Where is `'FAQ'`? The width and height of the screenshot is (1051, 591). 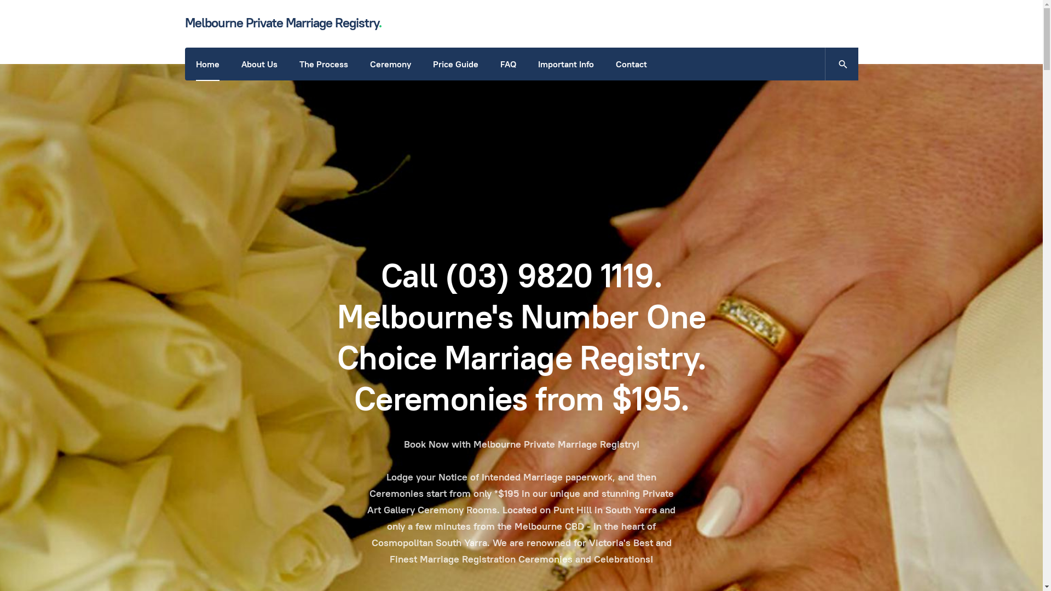 'FAQ' is located at coordinates (507, 63).